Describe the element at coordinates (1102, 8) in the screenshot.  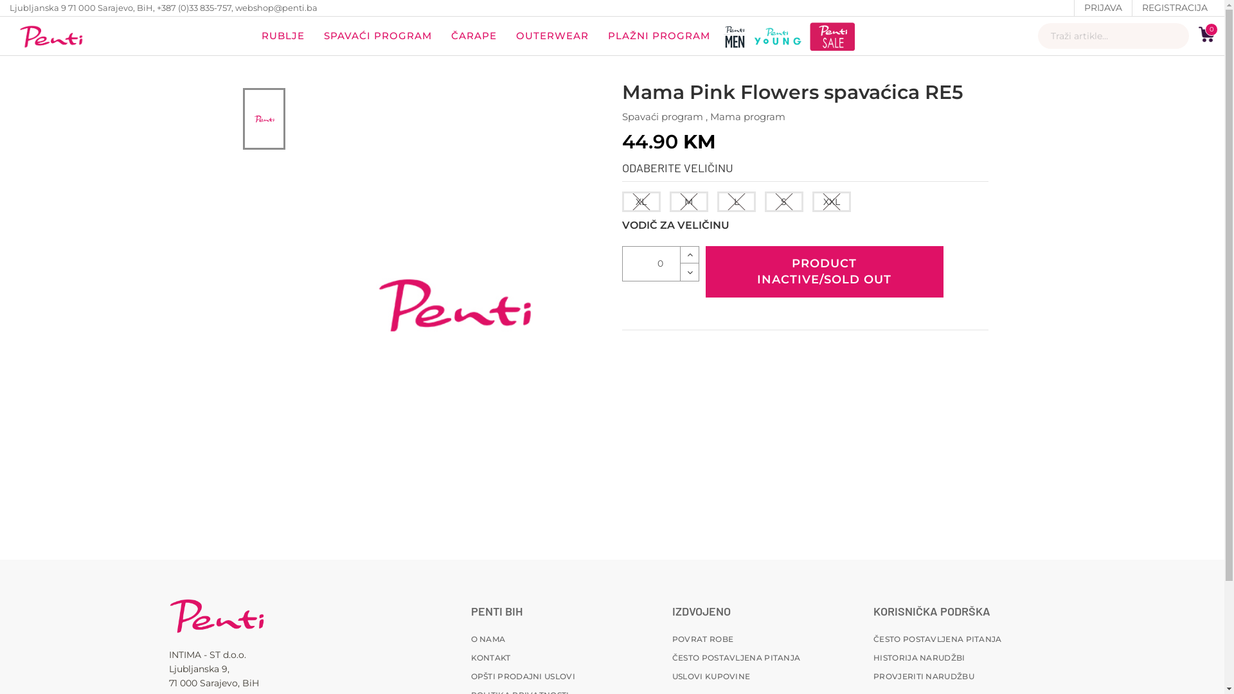
I see `'PRIJAVA'` at that location.